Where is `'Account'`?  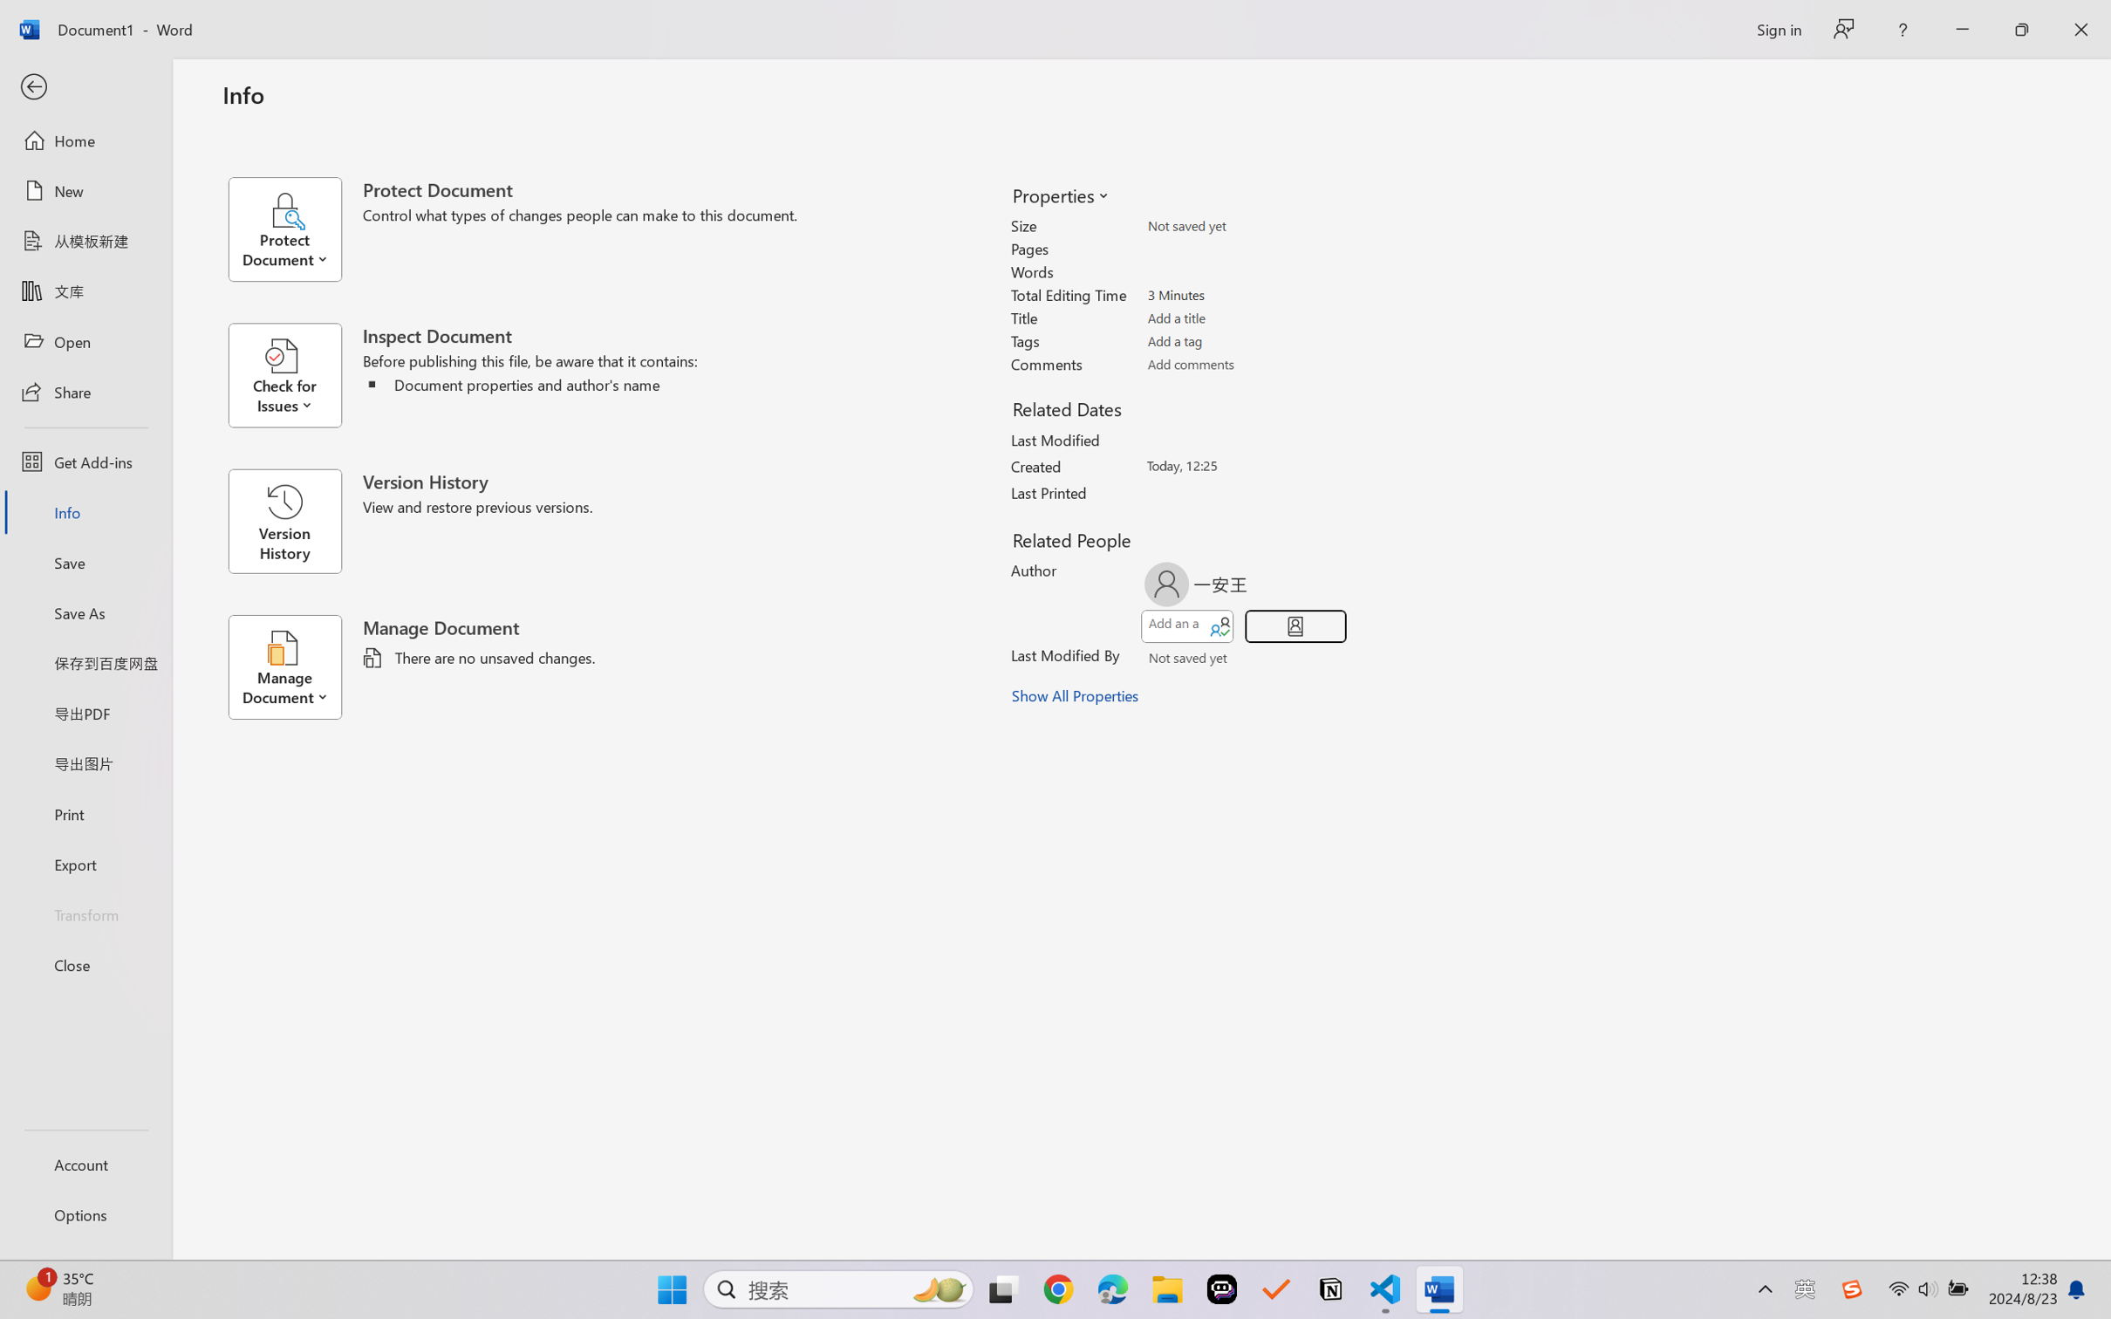
'Account' is located at coordinates (85, 1164).